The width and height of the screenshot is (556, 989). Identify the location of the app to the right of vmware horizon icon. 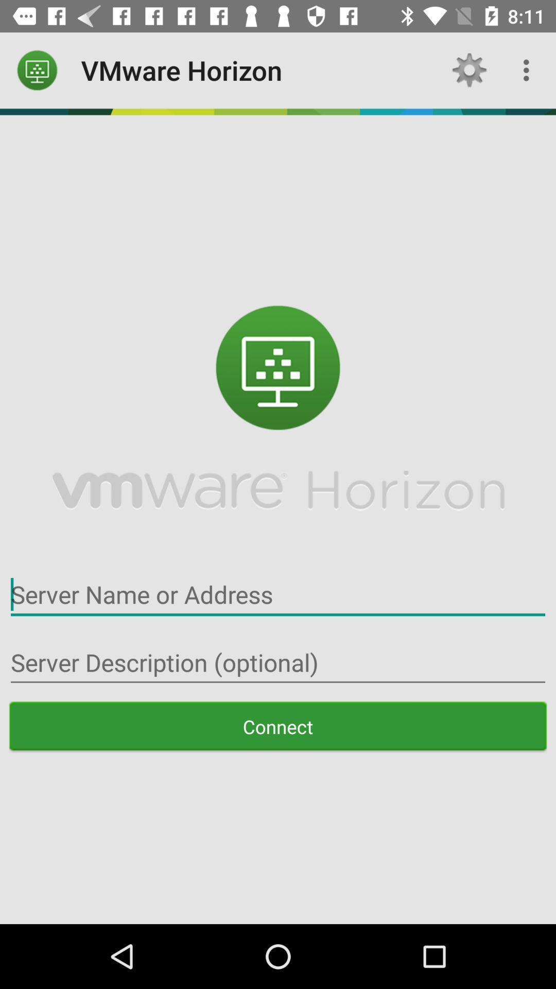
(469, 70).